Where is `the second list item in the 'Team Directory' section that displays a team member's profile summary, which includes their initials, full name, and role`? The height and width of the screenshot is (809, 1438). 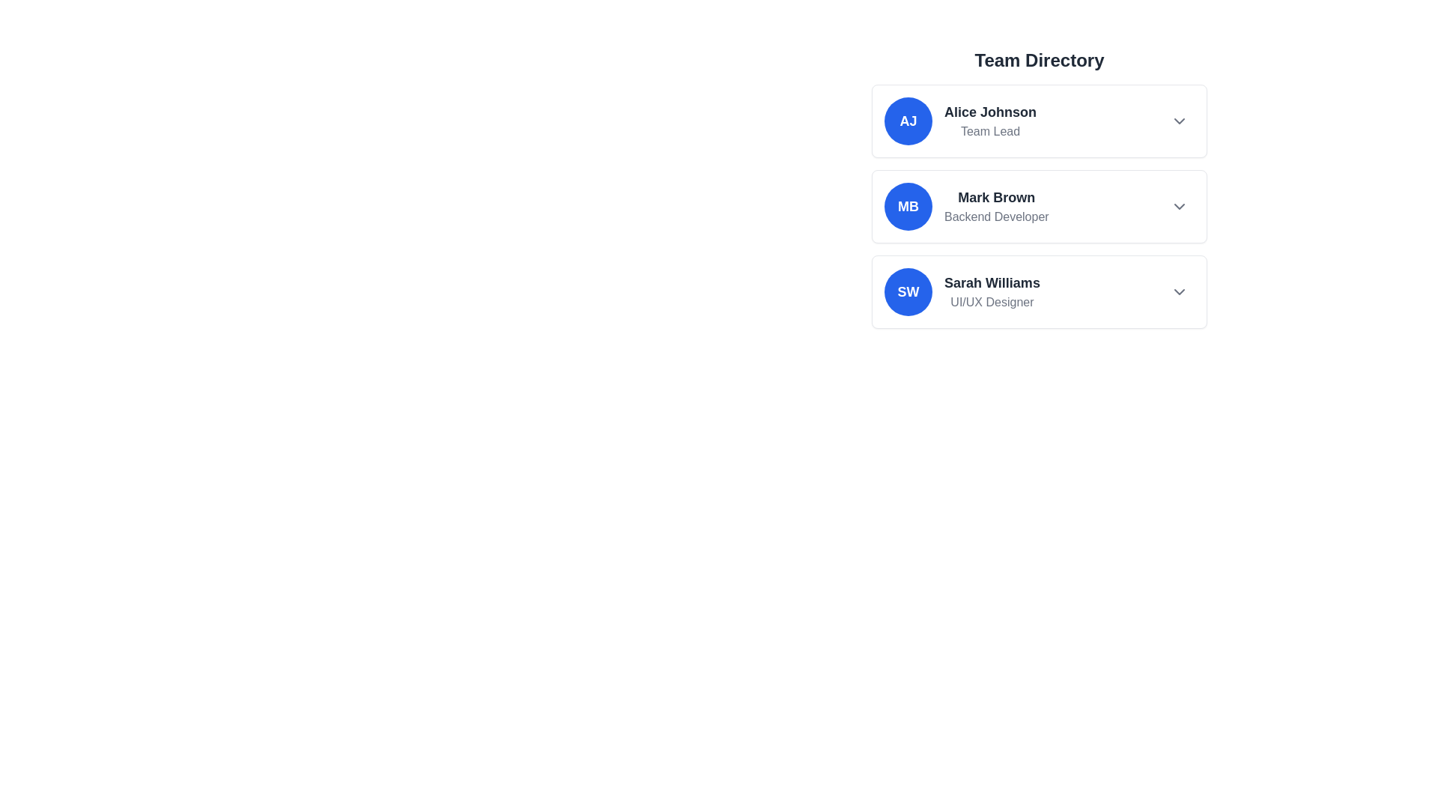
the second list item in the 'Team Directory' section that displays a team member's profile summary, which includes their initials, full name, and role is located at coordinates (1038, 207).